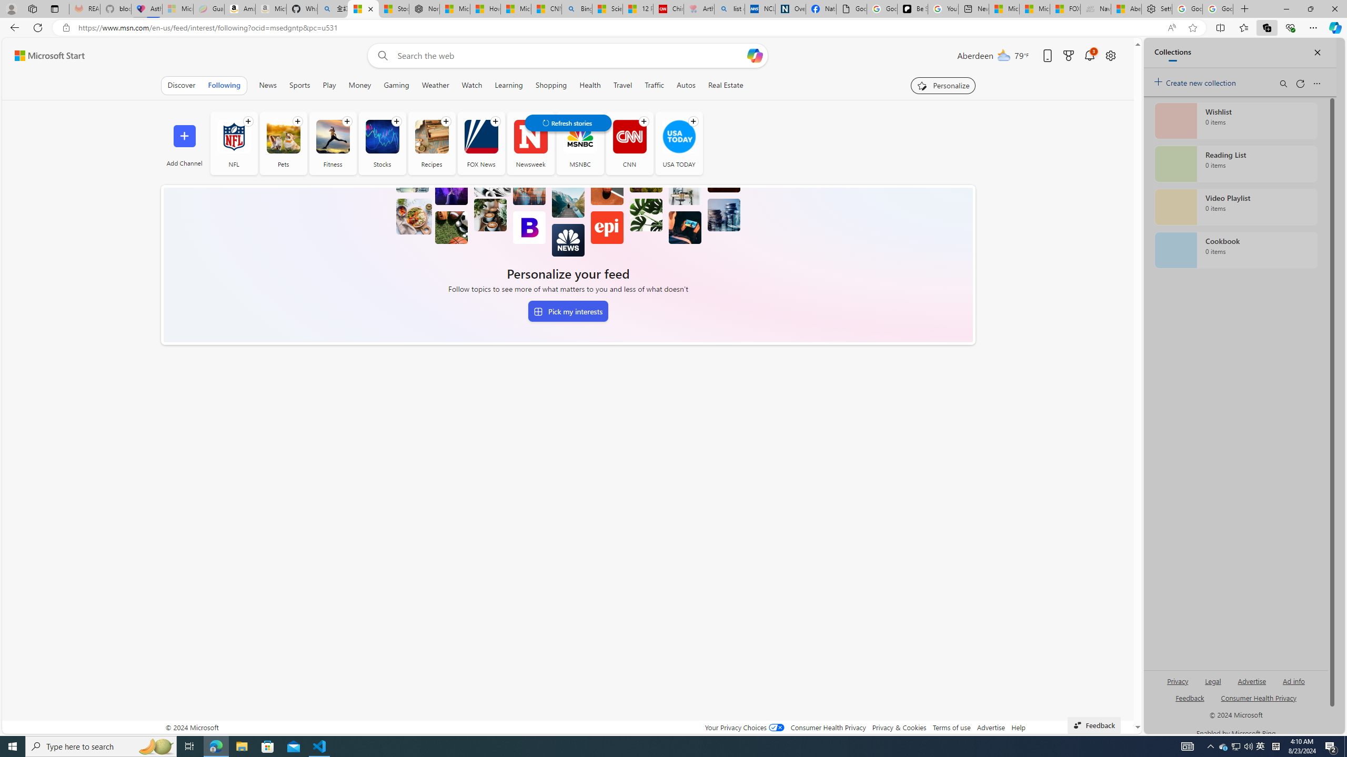  I want to click on 'Recipes', so click(431, 136).